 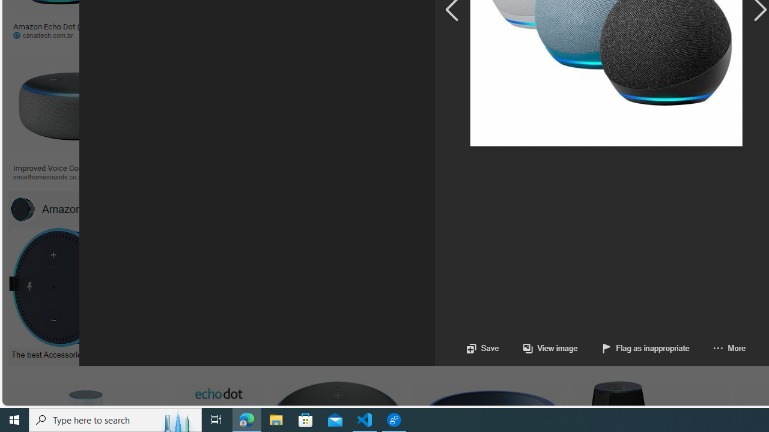 I want to click on 'Save', so click(x=482, y=348).